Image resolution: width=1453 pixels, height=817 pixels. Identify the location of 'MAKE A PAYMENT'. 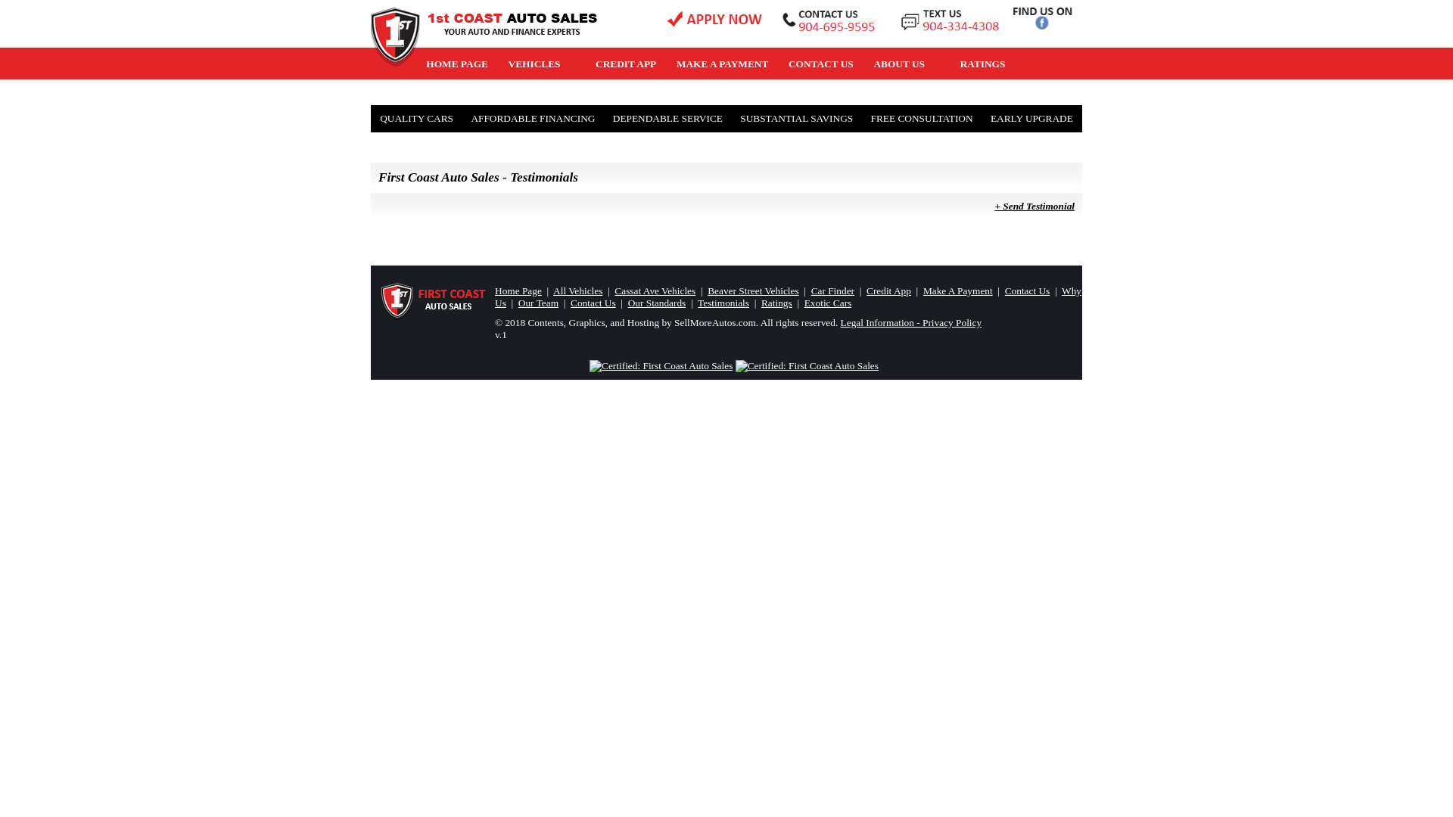
(722, 63).